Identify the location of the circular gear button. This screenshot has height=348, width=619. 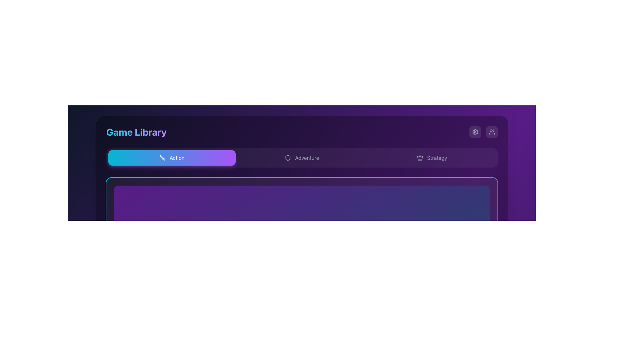
(475, 131).